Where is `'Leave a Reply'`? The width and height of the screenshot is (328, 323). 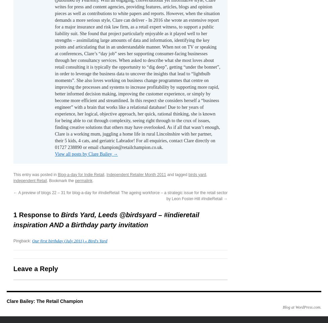
'Leave a Reply' is located at coordinates (35, 268).